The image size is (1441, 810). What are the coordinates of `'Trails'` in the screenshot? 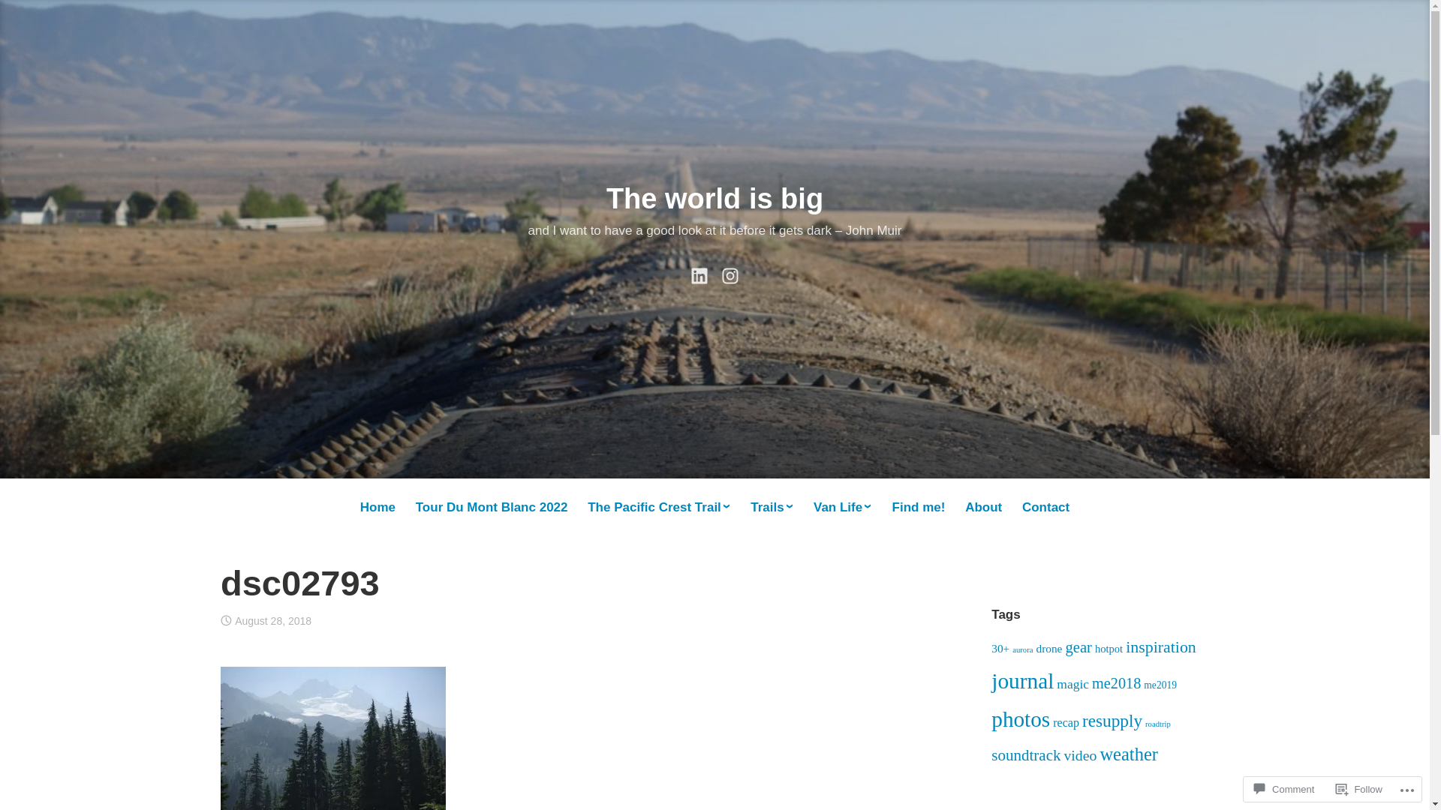 It's located at (772, 507).